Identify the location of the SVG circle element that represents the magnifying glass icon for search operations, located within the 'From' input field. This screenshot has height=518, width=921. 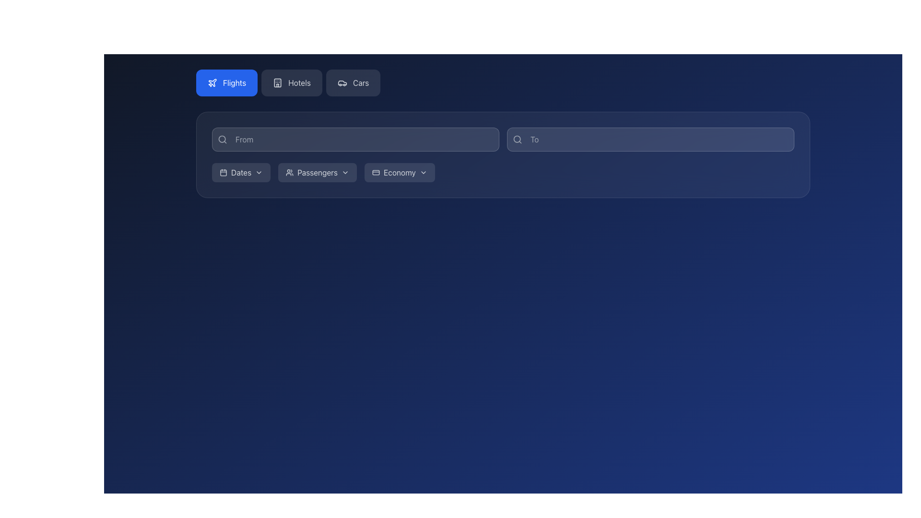
(222, 139).